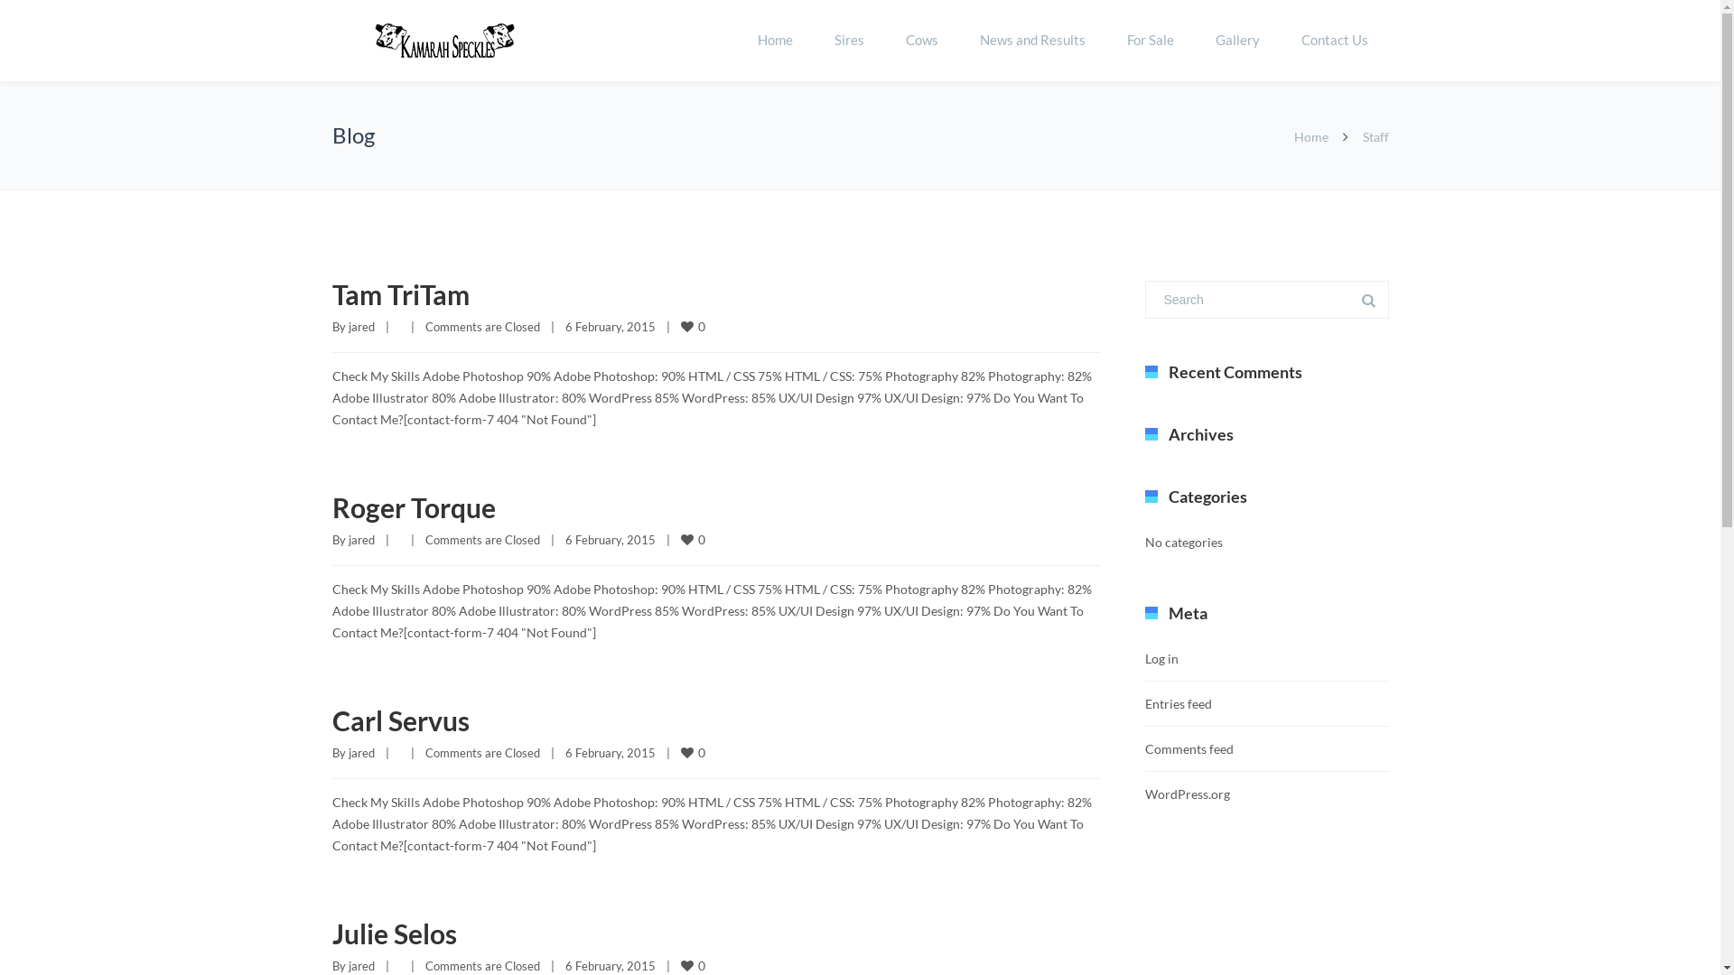  What do you see at coordinates (922, 41) in the screenshot?
I see `'Cows'` at bounding box center [922, 41].